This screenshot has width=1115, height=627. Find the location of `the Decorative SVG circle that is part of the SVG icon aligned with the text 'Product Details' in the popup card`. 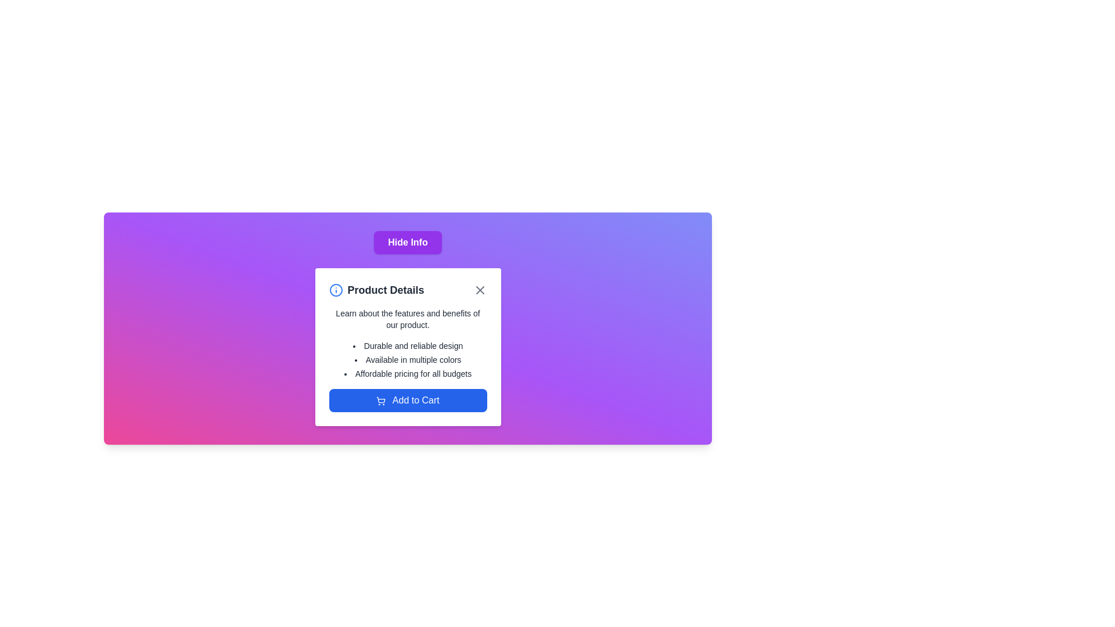

the Decorative SVG circle that is part of the SVG icon aligned with the text 'Product Details' in the popup card is located at coordinates (335, 290).